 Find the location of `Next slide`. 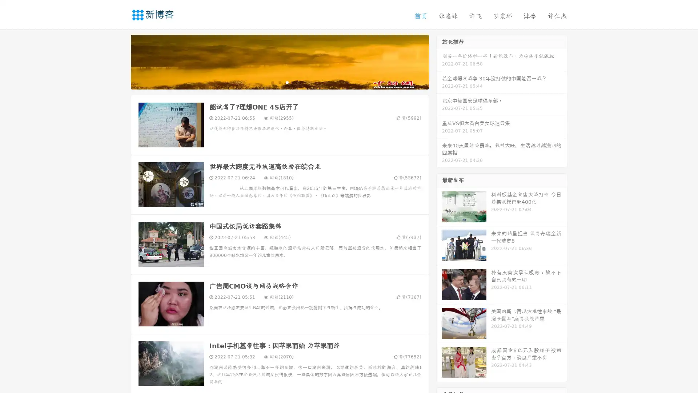

Next slide is located at coordinates (439, 61).